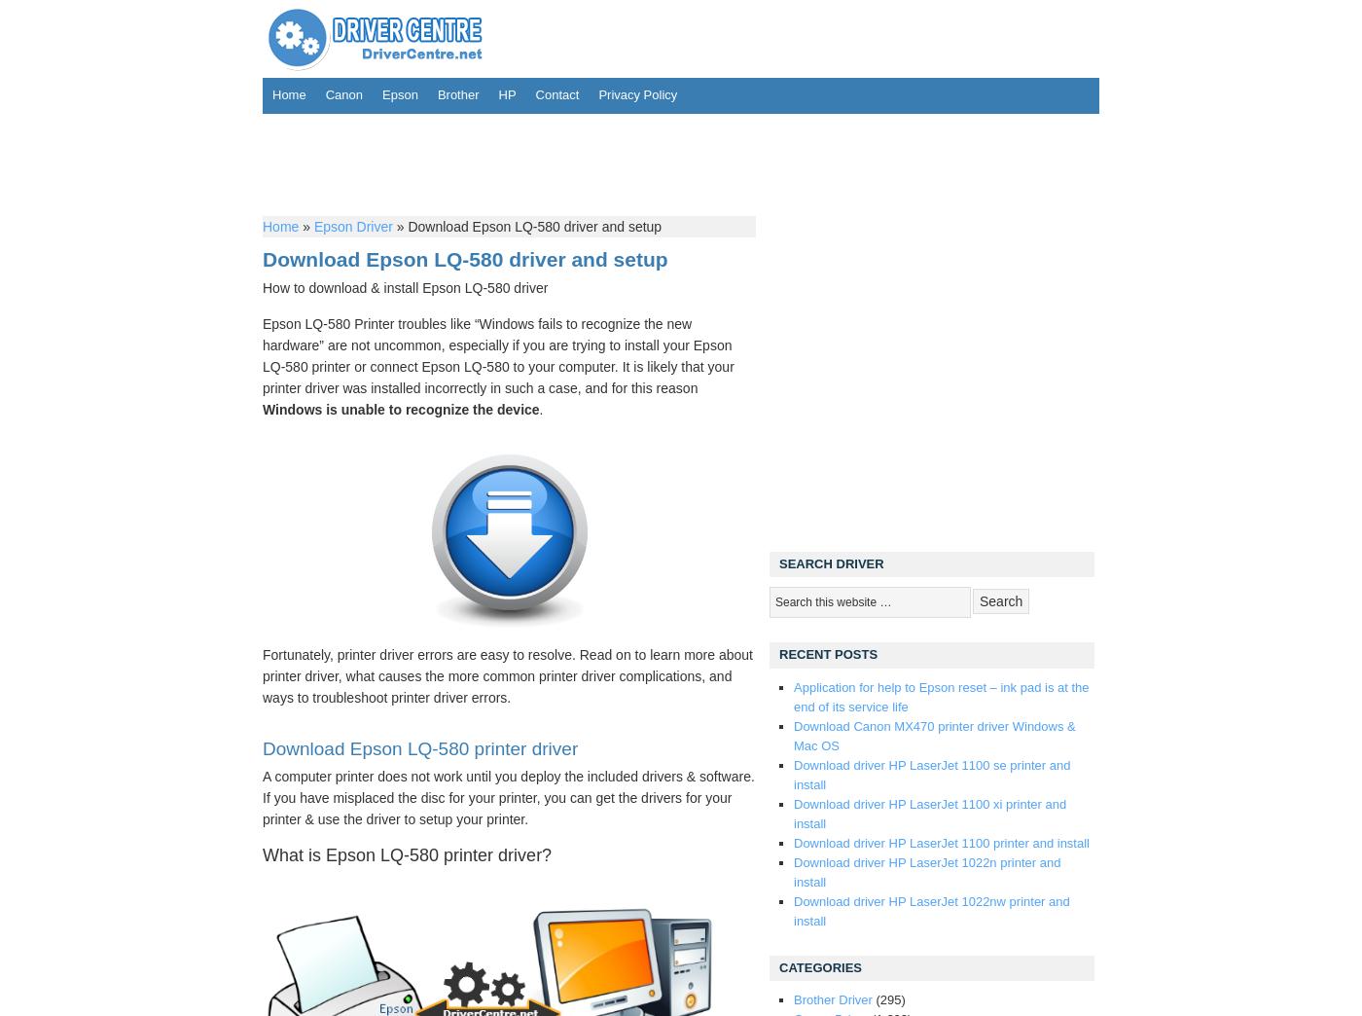  Describe the element at coordinates (930, 812) in the screenshot. I see `'Download driver HP LaserJet 1100 xi printer and install'` at that location.